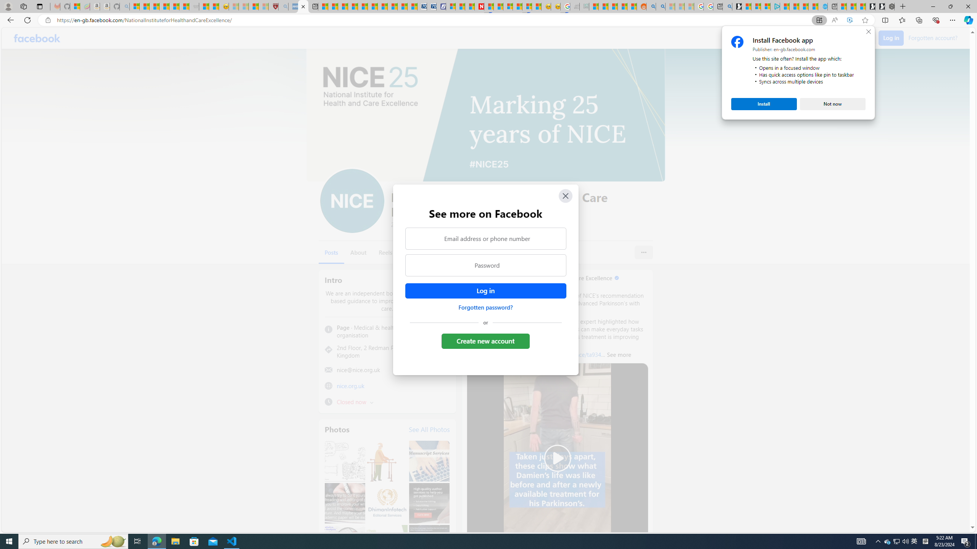 This screenshot has height=549, width=977. What do you see at coordinates (861, 541) in the screenshot?
I see `'AutomationID: 4105'` at bounding box center [861, 541].